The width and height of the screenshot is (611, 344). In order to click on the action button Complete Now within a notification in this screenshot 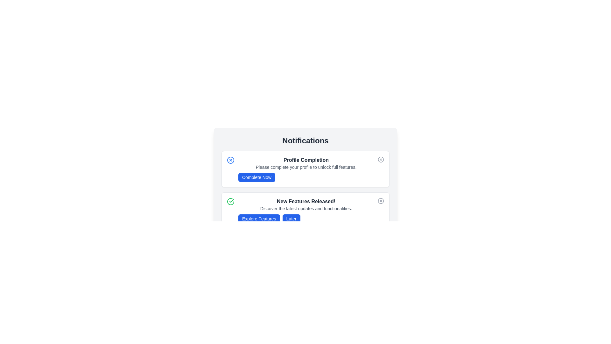, I will do `click(256, 177)`.